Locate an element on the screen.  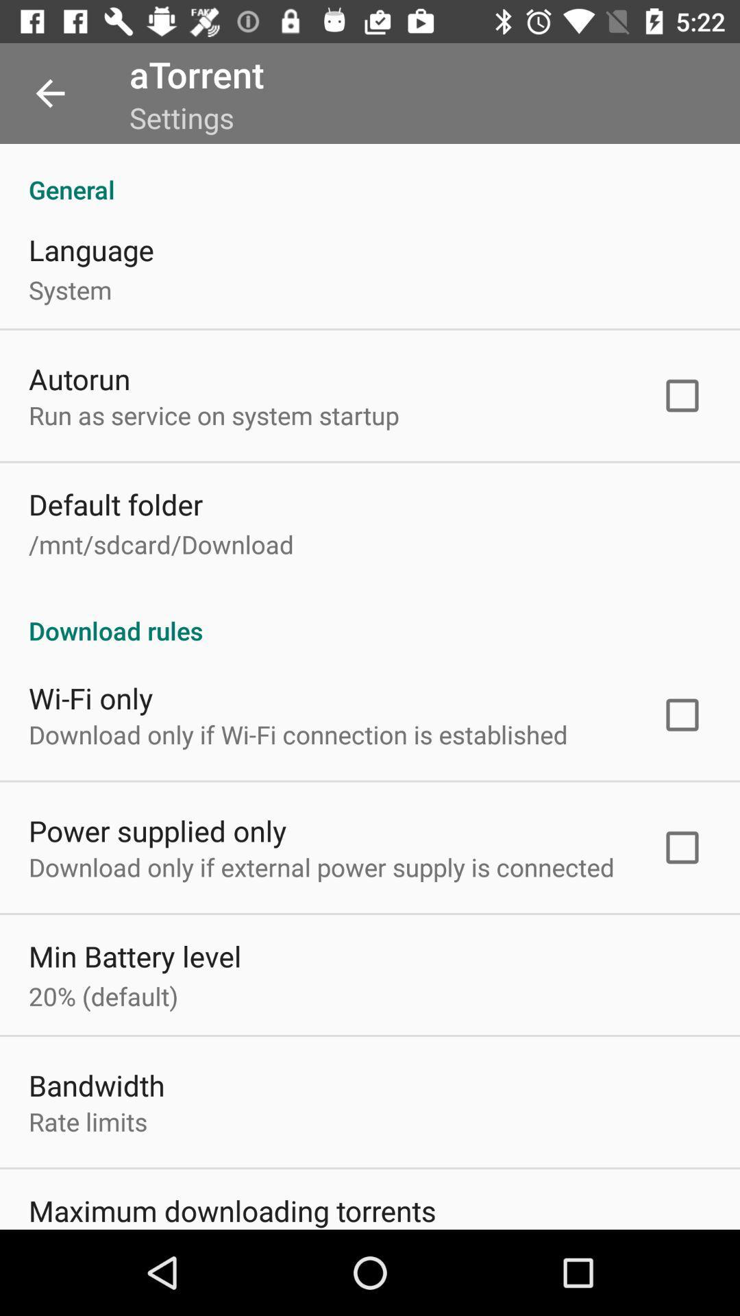
the min battery level item is located at coordinates (135, 955).